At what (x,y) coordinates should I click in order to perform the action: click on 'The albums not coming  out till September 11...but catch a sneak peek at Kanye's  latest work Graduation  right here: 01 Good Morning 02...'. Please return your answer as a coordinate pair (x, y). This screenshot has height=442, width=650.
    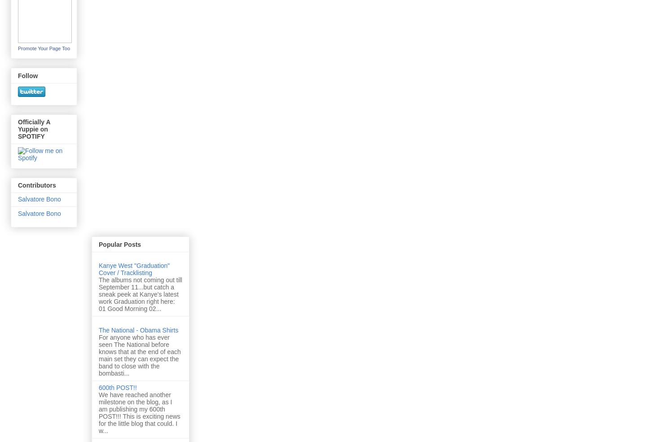
    Looking at the image, I should click on (140, 293).